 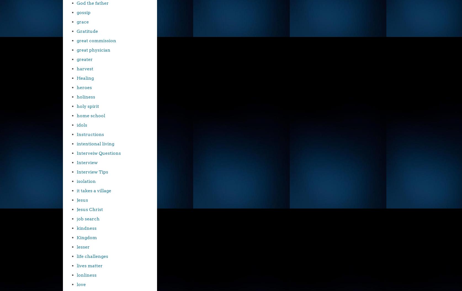 What do you see at coordinates (88, 106) in the screenshot?
I see `'holy spirit'` at bounding box center [88, 106].